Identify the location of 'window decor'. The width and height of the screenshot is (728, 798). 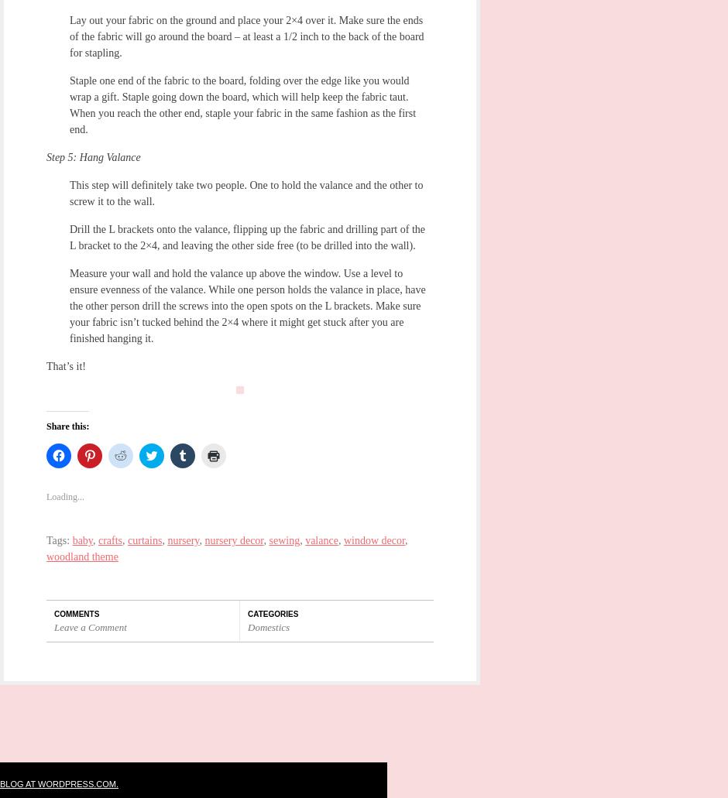
(373, 540).